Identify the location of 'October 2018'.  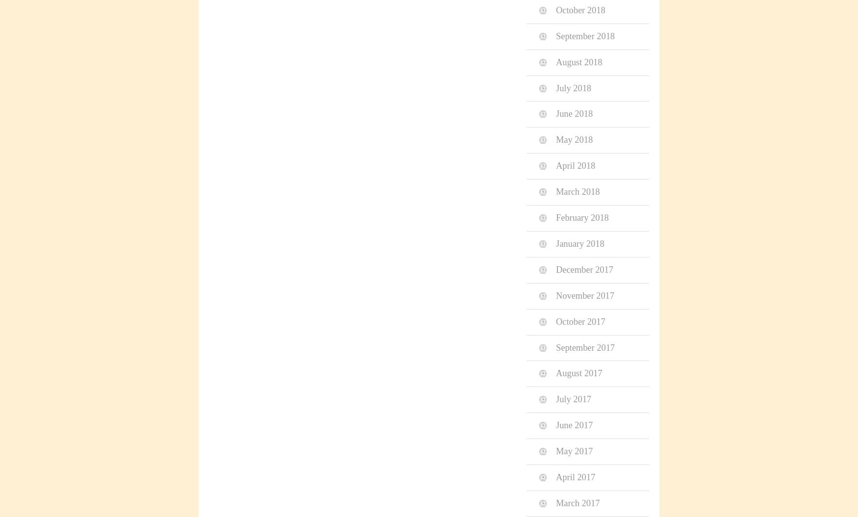
(580, 10).